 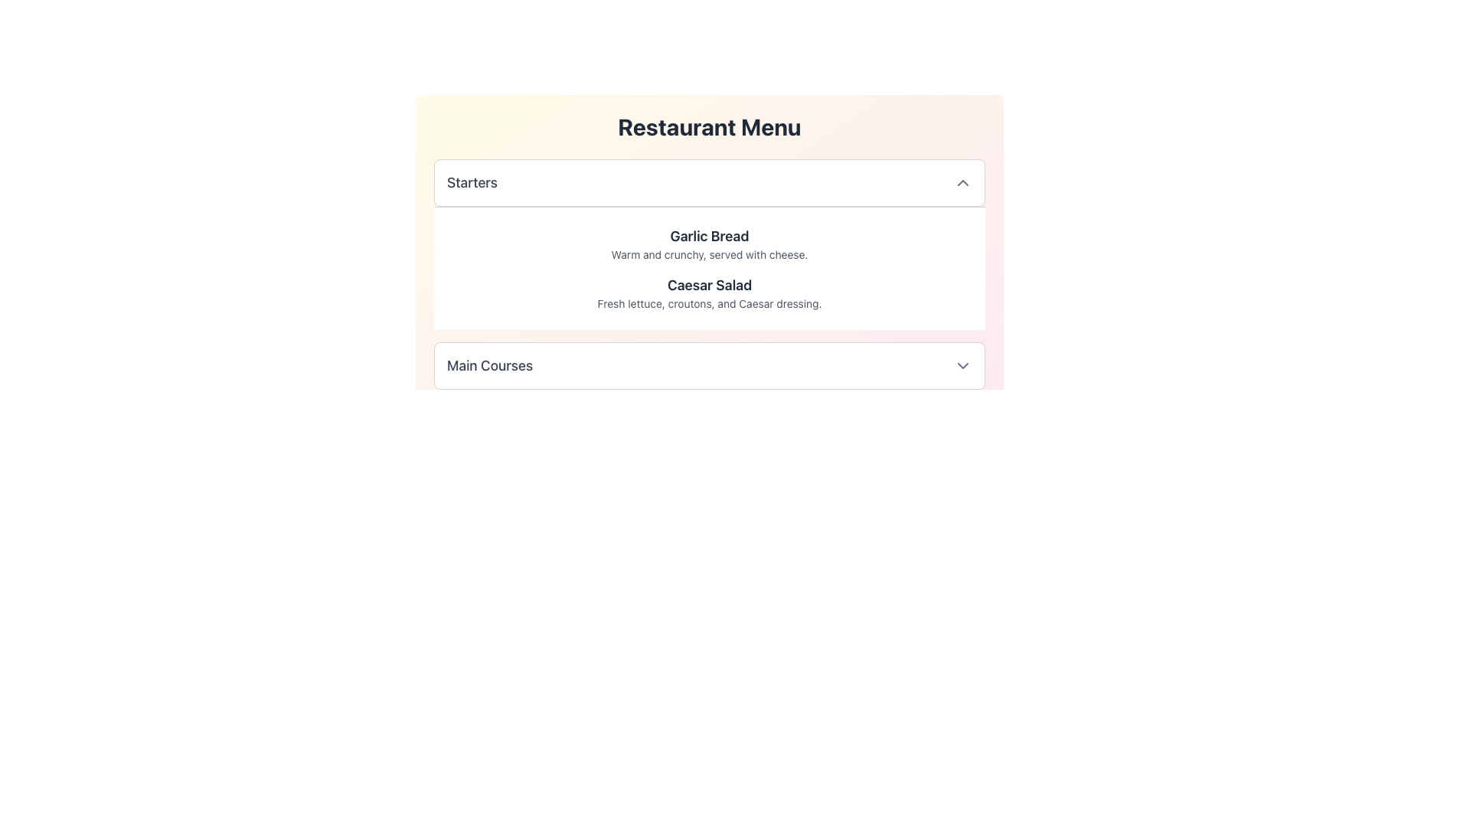 I want to click on the text label that reads 'Fresh lettuce, croutons, and Caesar dressing.' which is styled in a small gray font and located below the 'Caesar Salad' heading, so click(x=708, y=304).